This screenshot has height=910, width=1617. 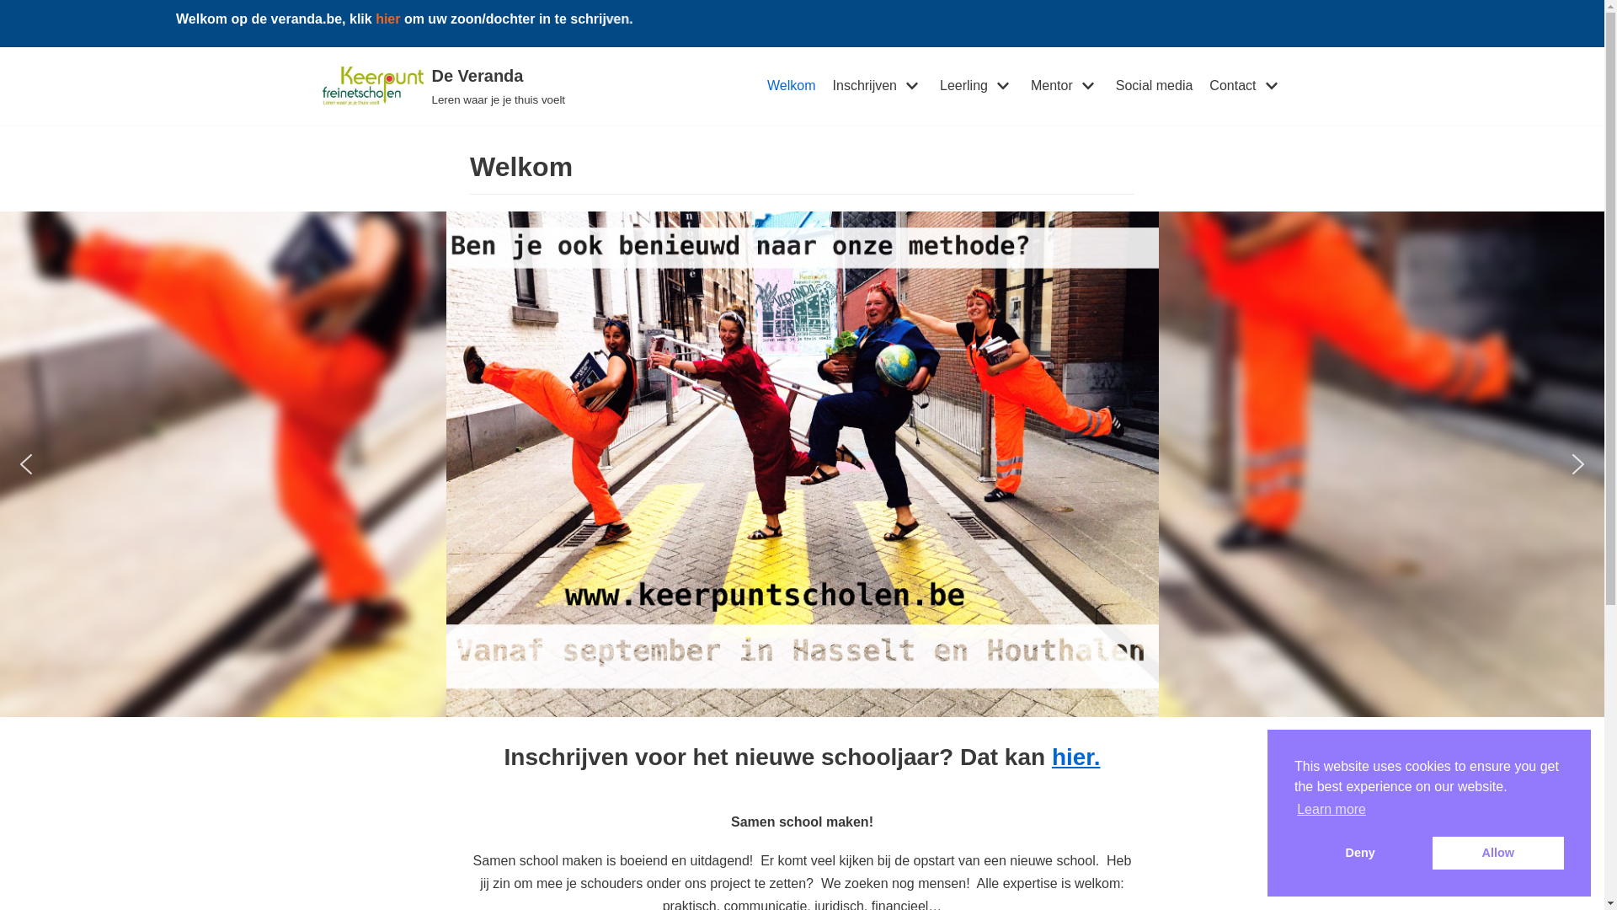 What do you see at coordinates (1154, 85) in the screenshot?
I see `'Social media'` at bounding box center [1154, 85].